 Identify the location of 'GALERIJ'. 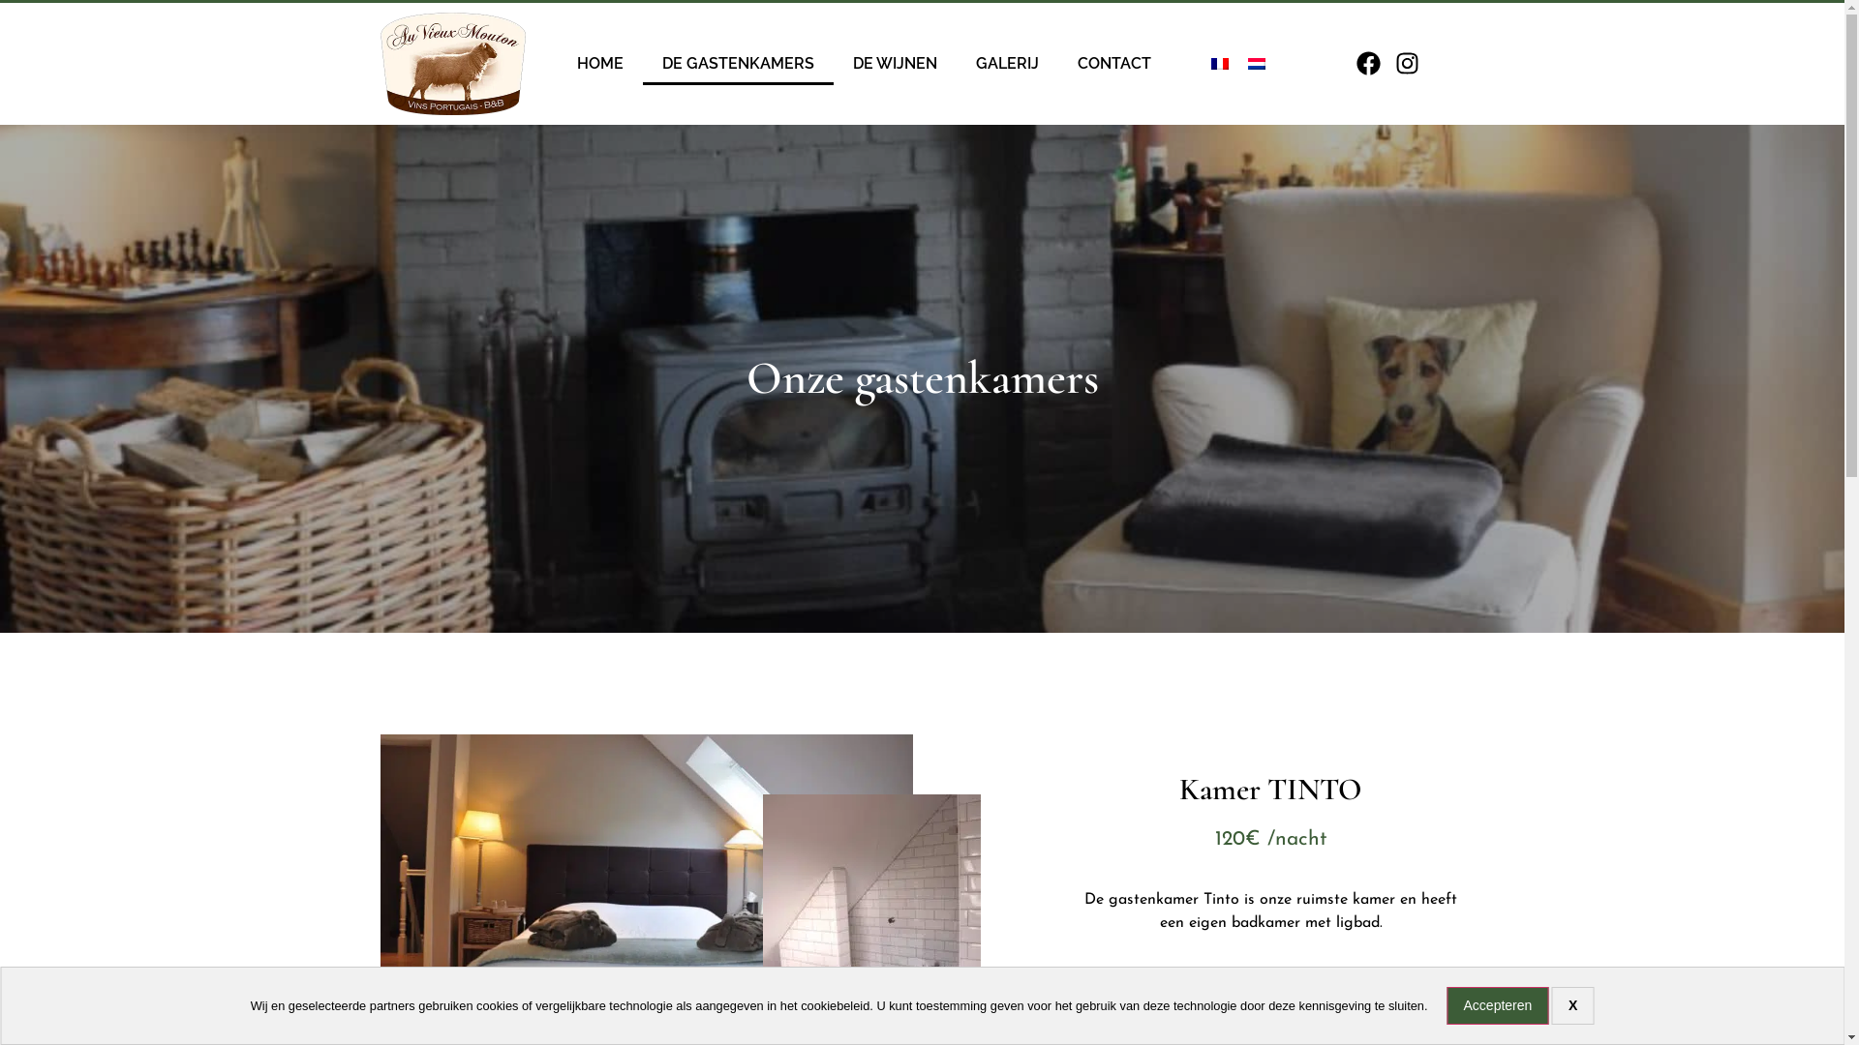
(1007, 62).